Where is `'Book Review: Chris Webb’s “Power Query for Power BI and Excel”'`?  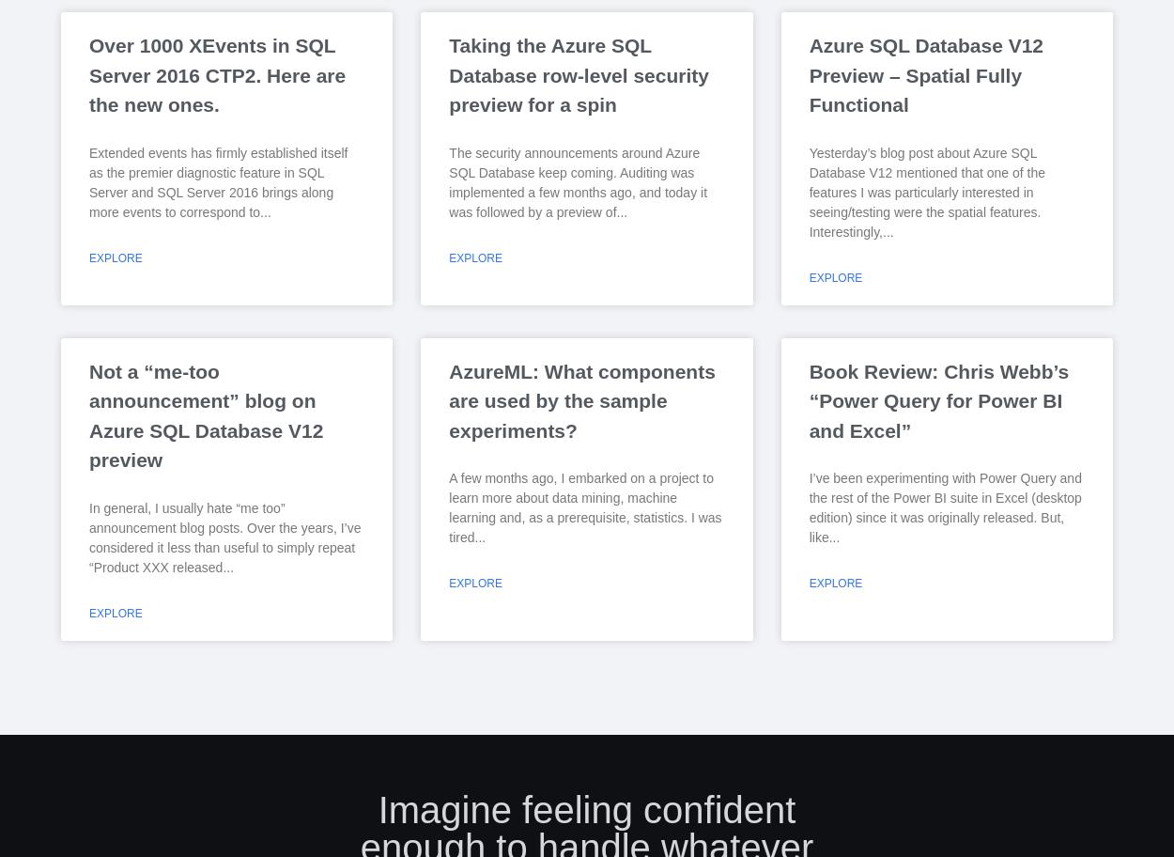
'Book Review: Chris Webb’s “Power Query for Power BI and Excel”' is located at coordinates (808, 398).